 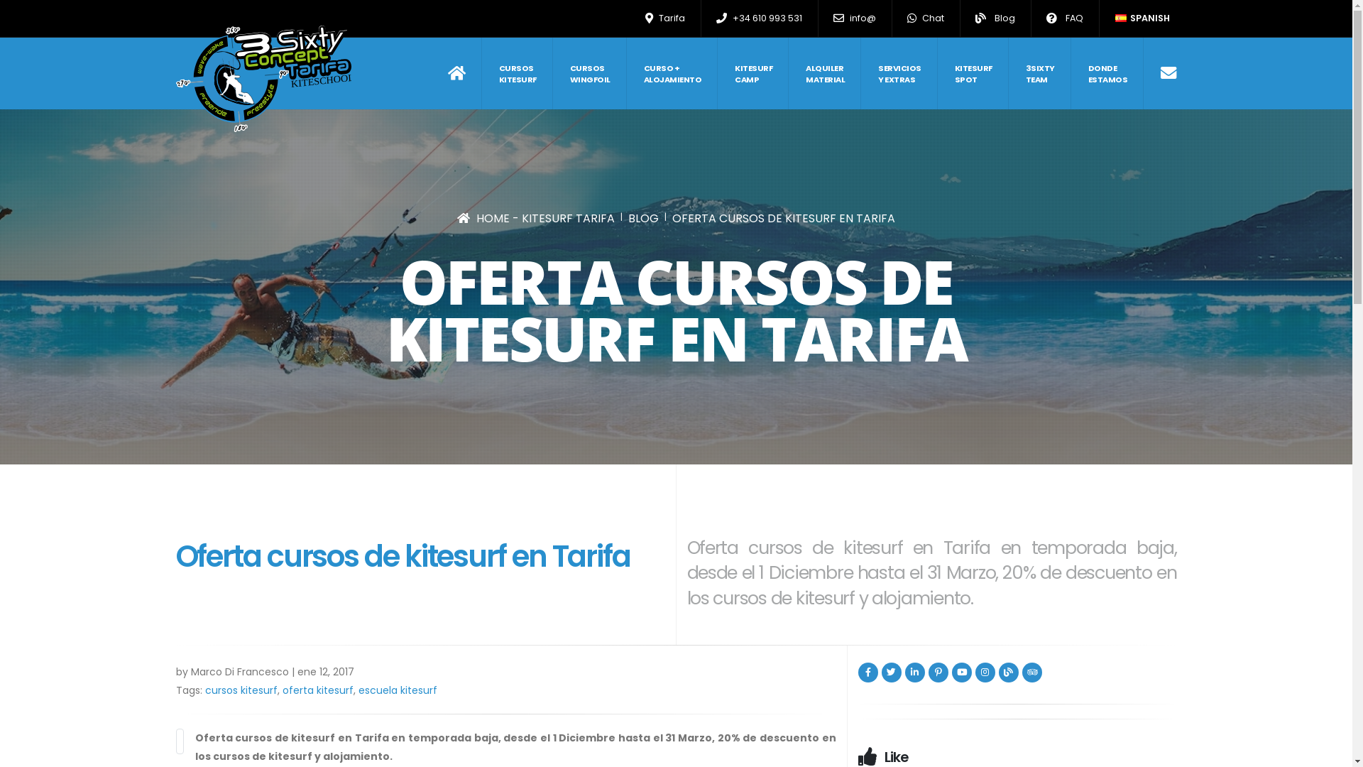 What do you see at coordinates (447, 73) in the screenshot?
I see `'Home - Kitesurf Tarifa'` at bounding box center [447, 73].